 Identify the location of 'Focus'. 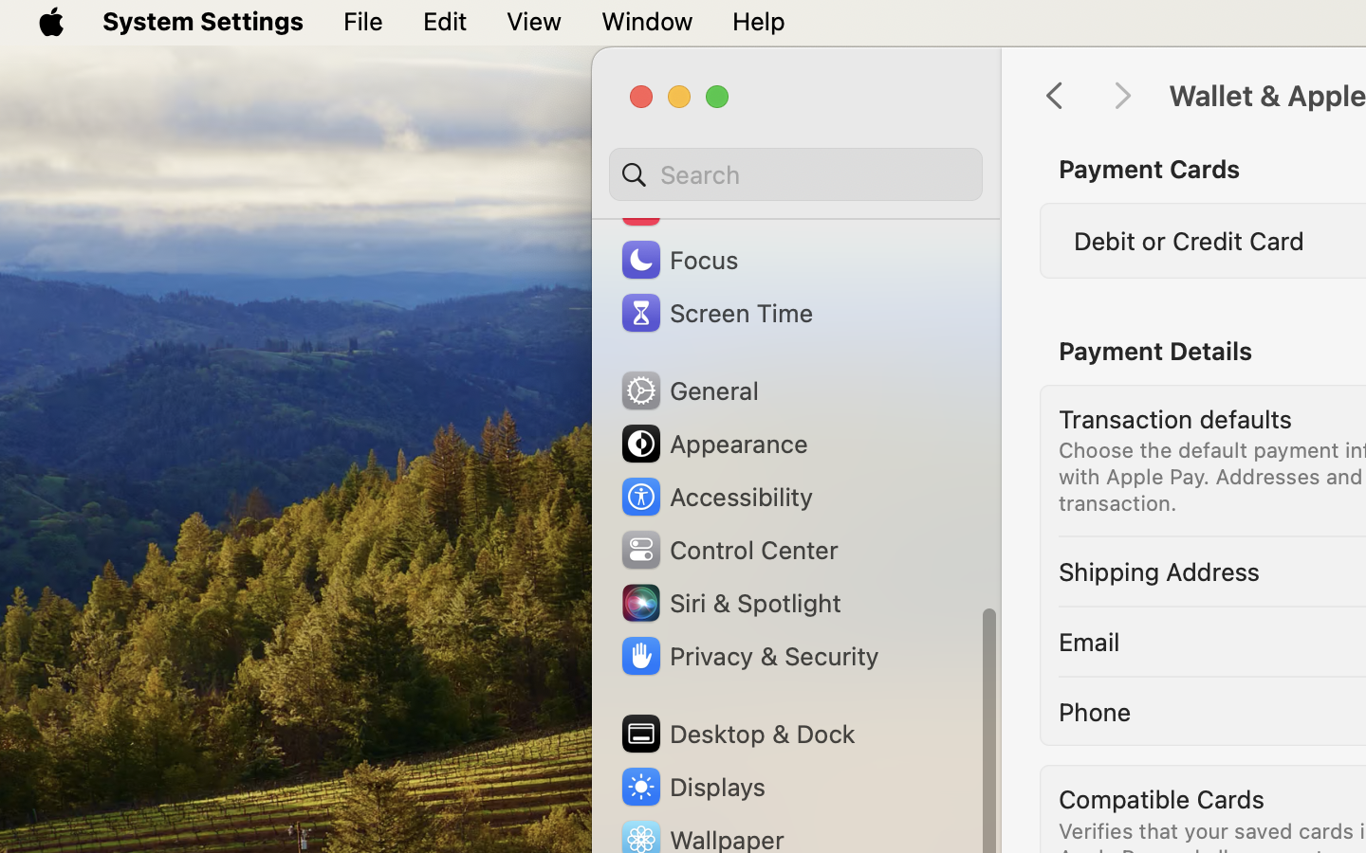
(677, 258).